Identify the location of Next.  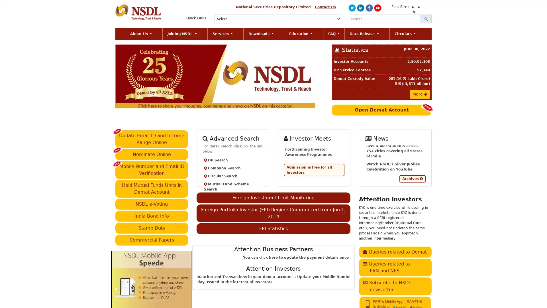
(307, 76).